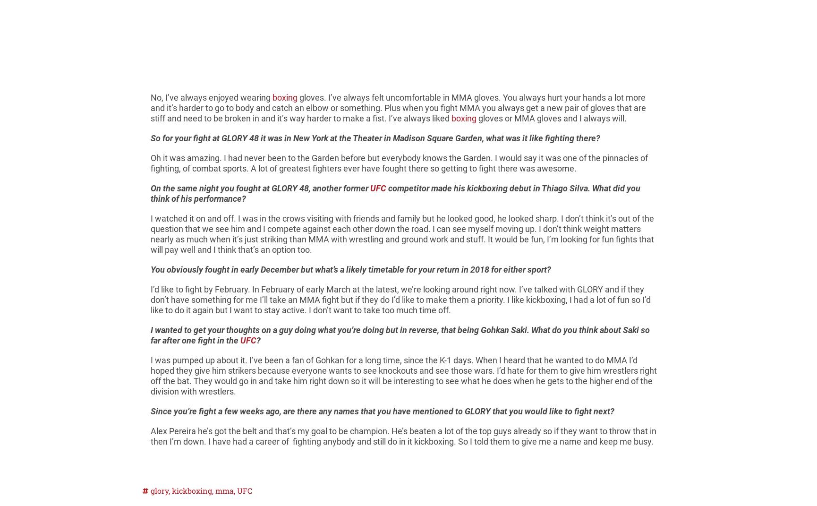  I want to click on 'Since you’re fight a few weeks ago, are there any names that you have mentioned to GLORY that you would like to fight next?', so click(382, 411).